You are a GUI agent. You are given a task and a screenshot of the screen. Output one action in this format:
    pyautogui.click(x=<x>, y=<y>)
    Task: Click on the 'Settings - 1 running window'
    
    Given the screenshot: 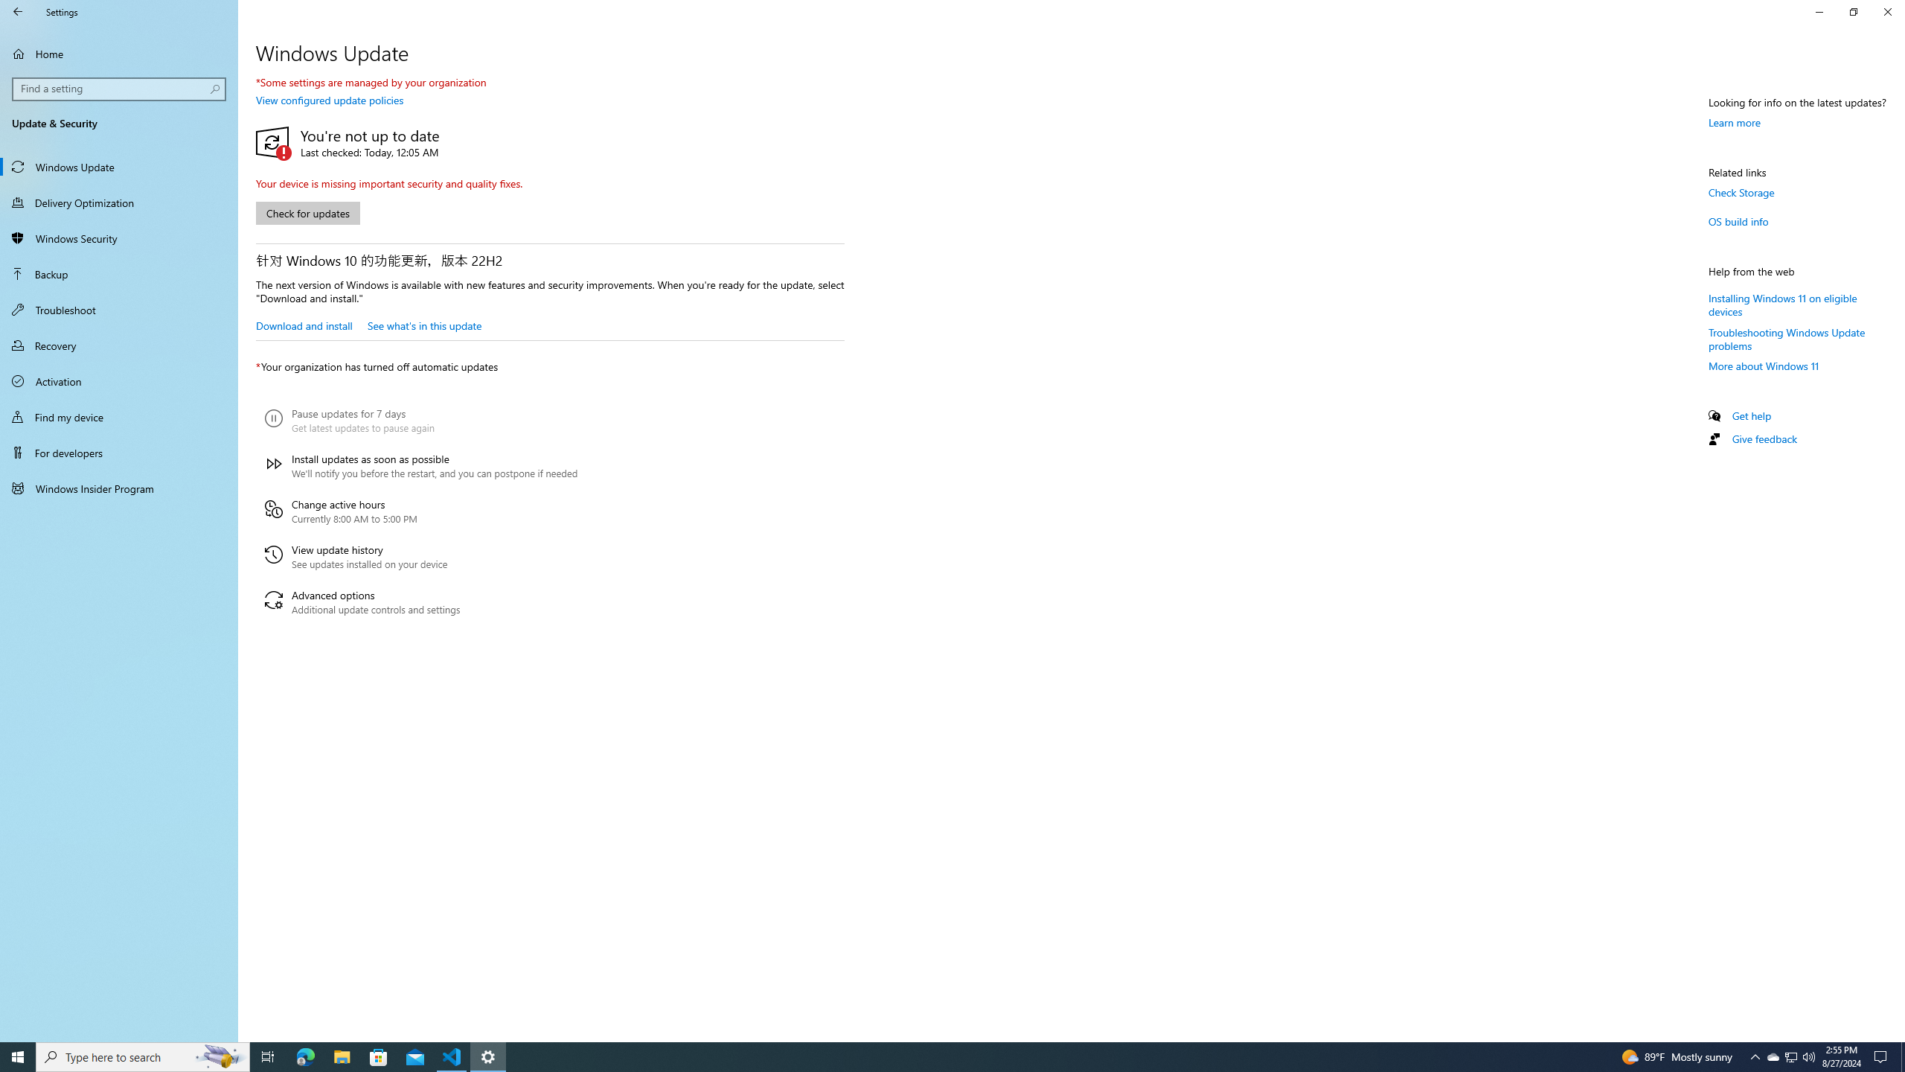 What is the action you would take?
    pyautogui.click(x=488, y=1056)
    